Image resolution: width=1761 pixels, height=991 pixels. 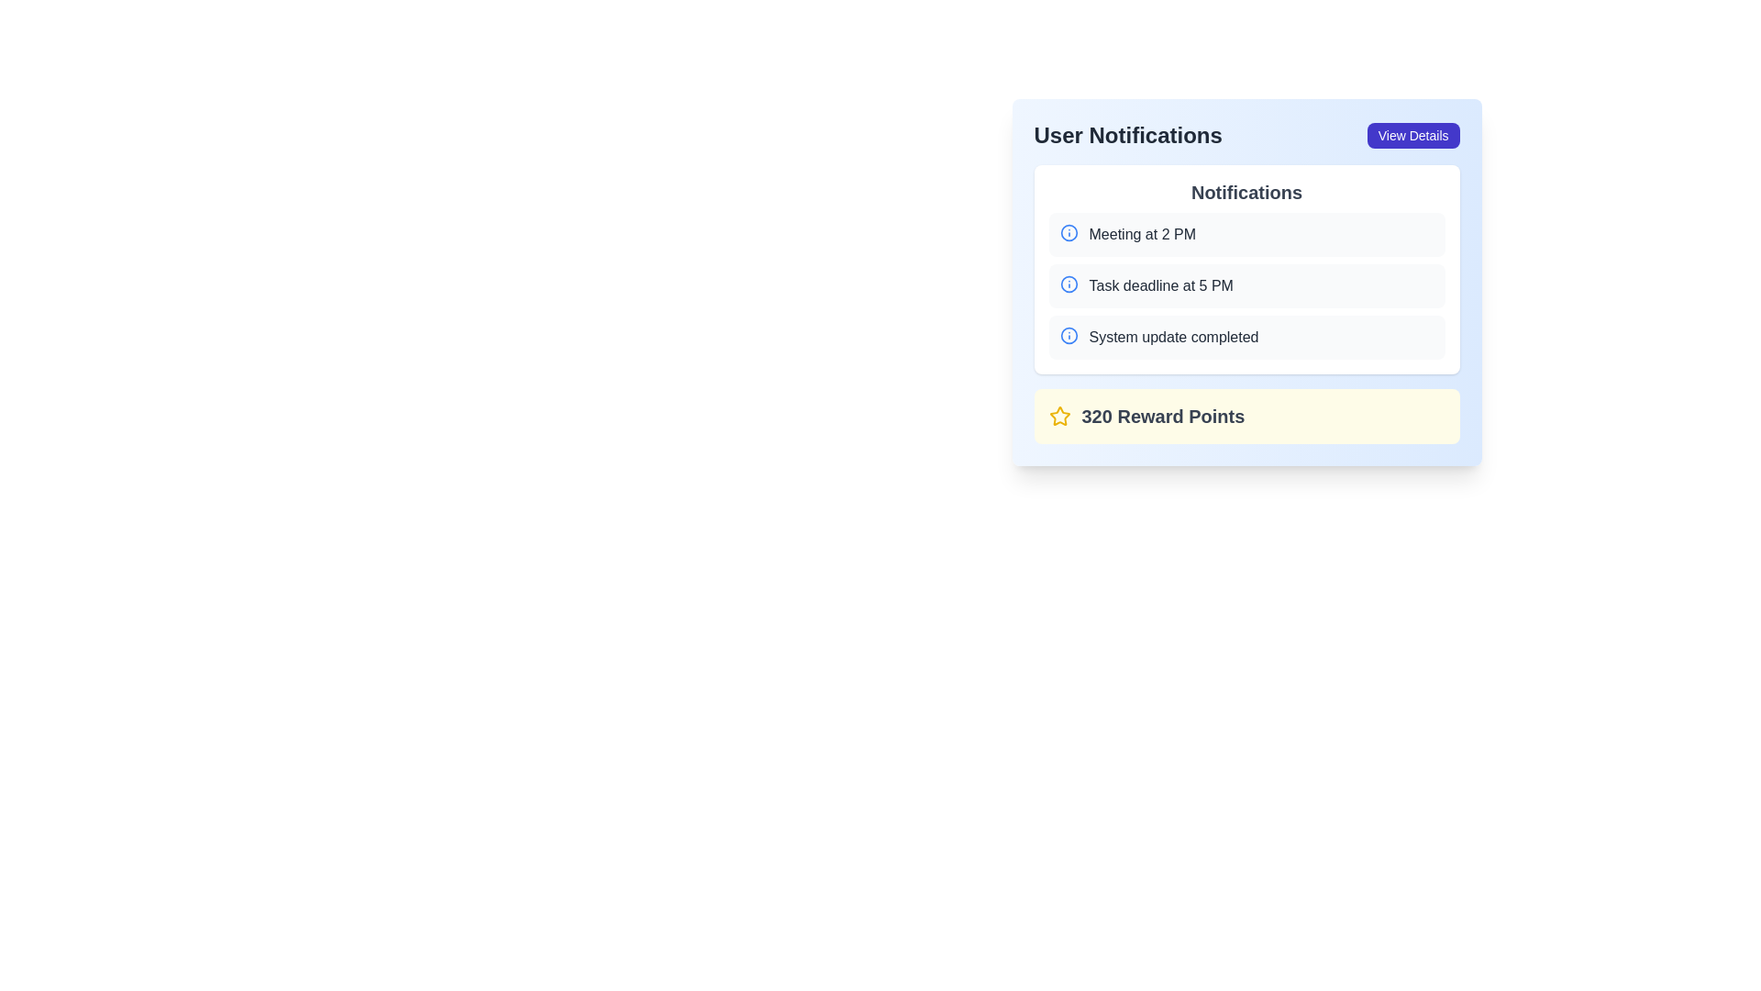 What do you see at coordinates (1174, 337) in the screenshot?
I see `the static text displaying 'System update completed' in the Notifications panel, which is styled in dark gray and located in the third row of the list` at bounding box center [1174, 337].